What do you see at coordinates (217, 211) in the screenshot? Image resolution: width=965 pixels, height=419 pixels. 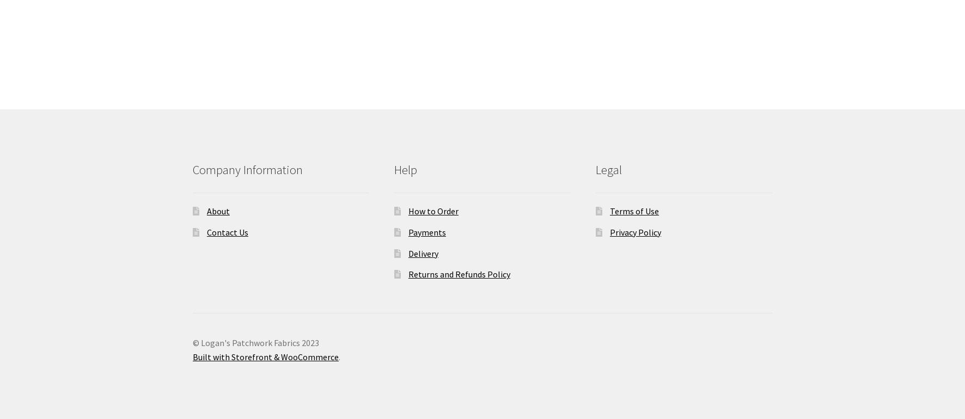 I see `'About'` at bounding box center [217, 211].